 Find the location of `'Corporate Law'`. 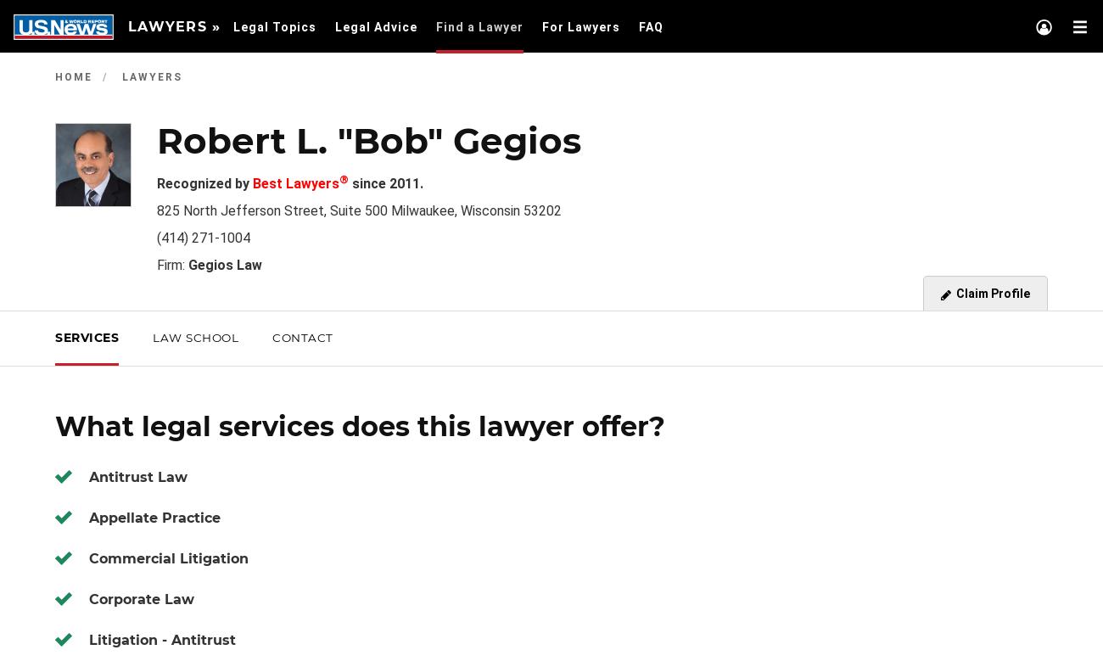

'Corporate Law' is located at coordinates (89, 598).